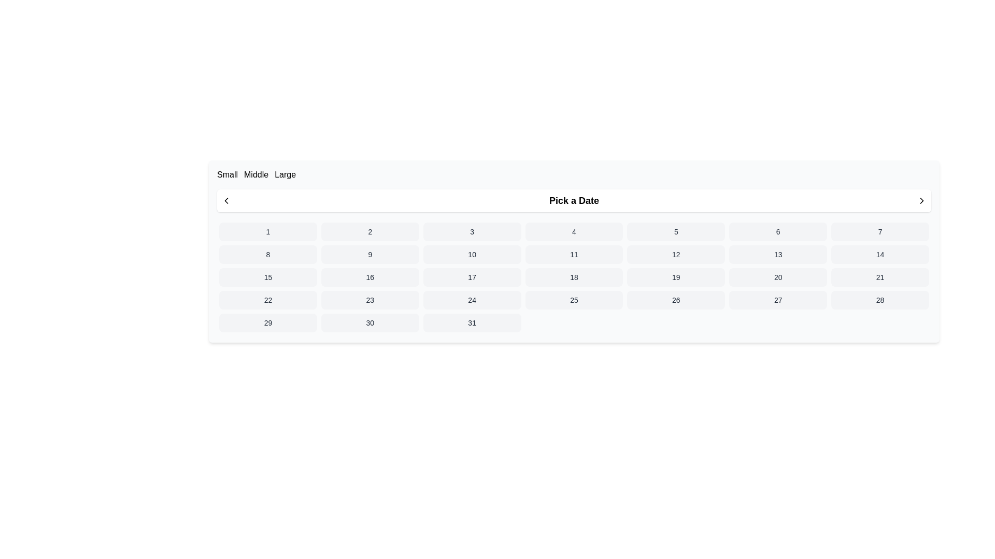  Describe the element at coordinates (370, 322) in the screenshot. I see `the date selection button labeled '30' in the date picker interface` at that location.